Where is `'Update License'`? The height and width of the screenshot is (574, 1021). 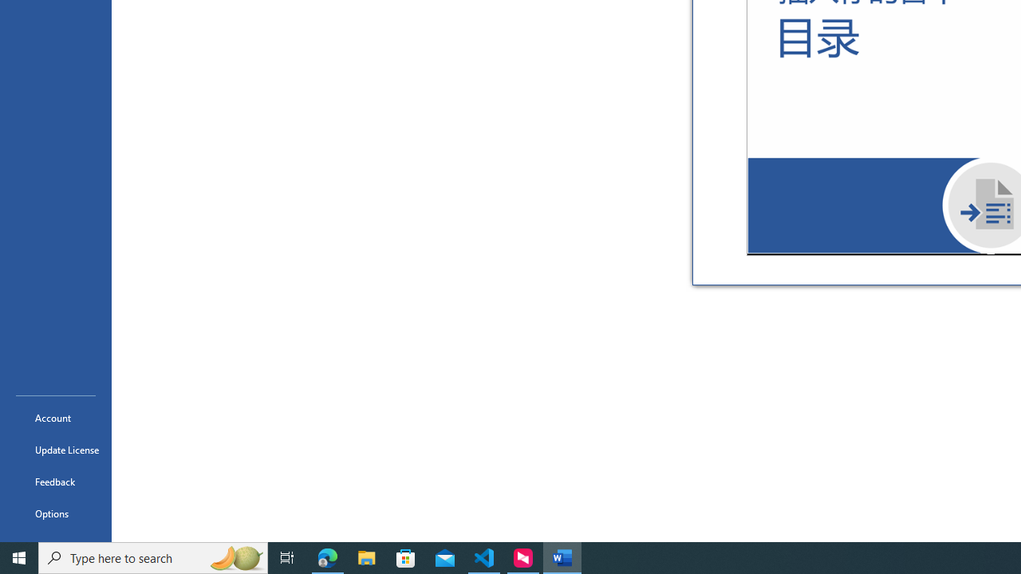 'Update License' is located at coordinates (55, 450).